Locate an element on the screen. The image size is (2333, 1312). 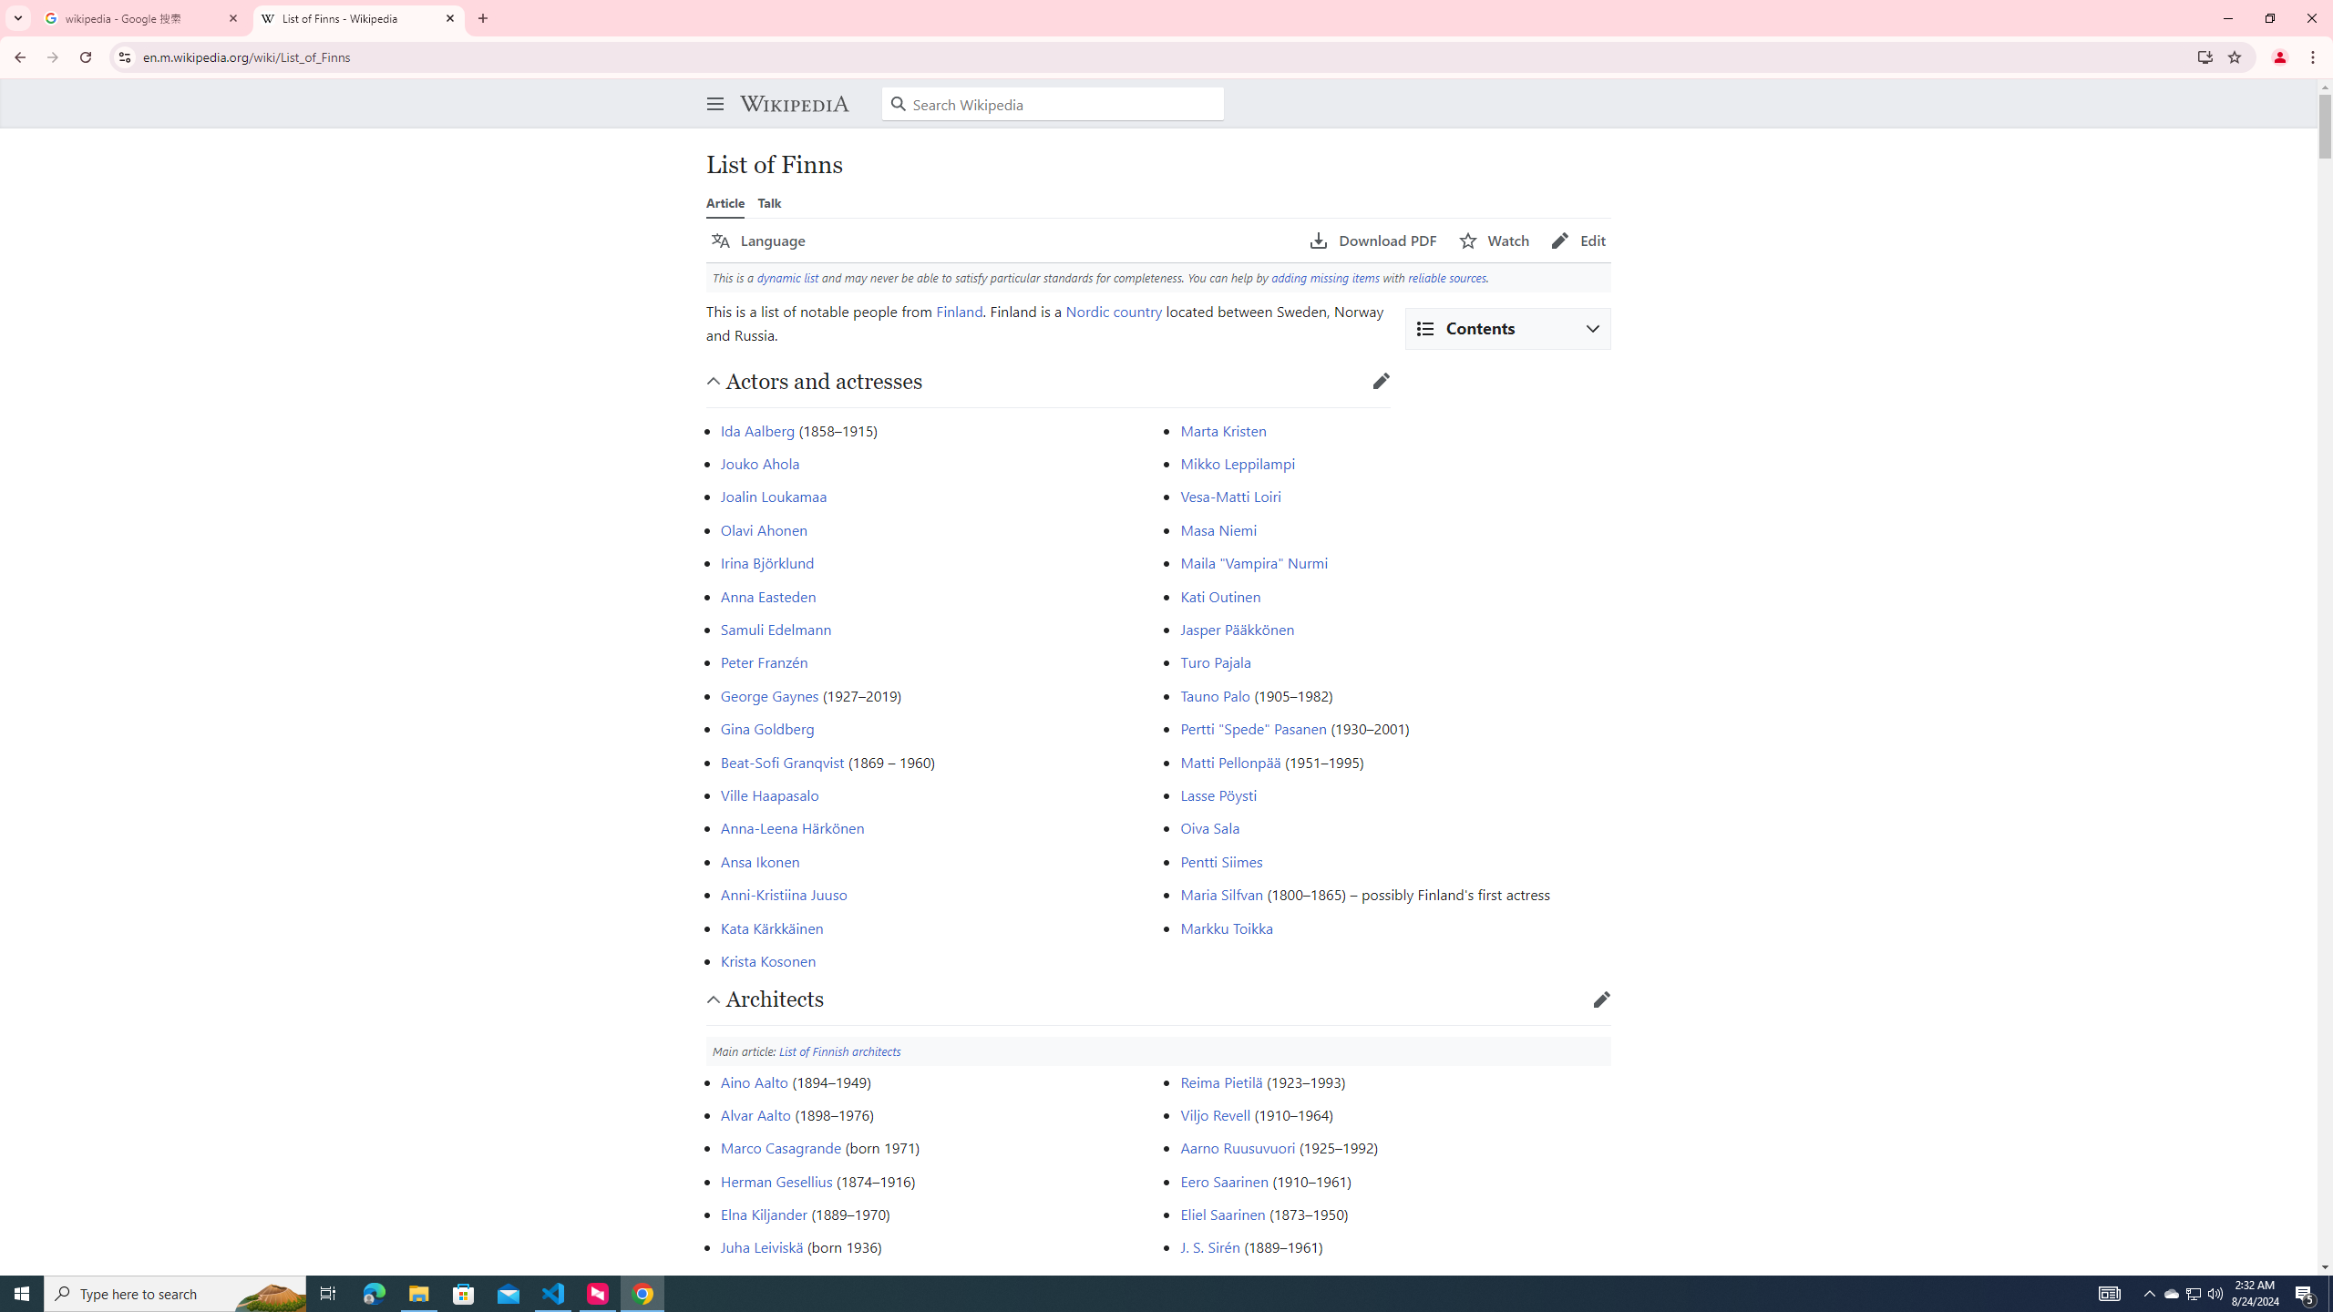
'Beat-Sofi Granqvist' is located at coordinates (781, 760).